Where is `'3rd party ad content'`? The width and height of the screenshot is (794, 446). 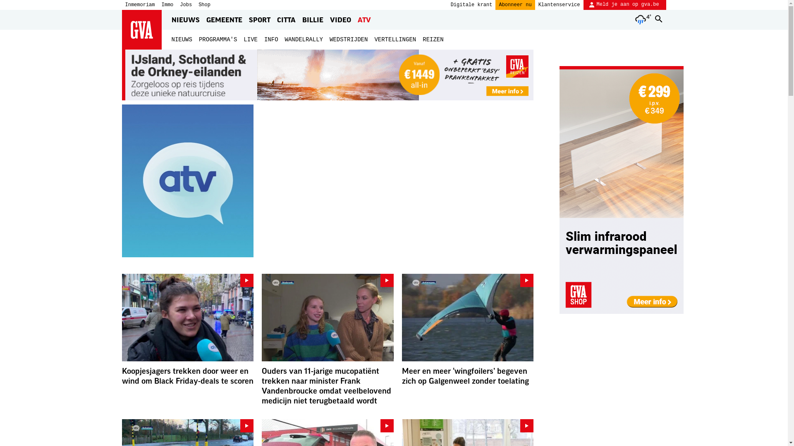
'3rd party ad content' is located at coordinates (621, 190).